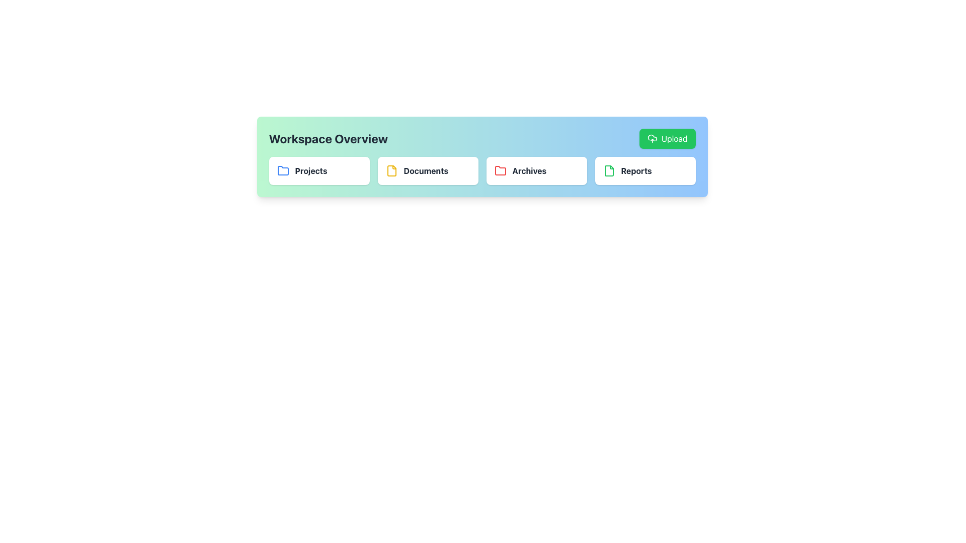 This screenshot has height=543, width=966. What do you see at coordinates (428, 170) in the screenshot?
I see `the button labeled 'Documents' which has a white rectangular background, rounded corners, a yellow file icon on the left, and bold dark text on the right` at bounding box center [428, 170].